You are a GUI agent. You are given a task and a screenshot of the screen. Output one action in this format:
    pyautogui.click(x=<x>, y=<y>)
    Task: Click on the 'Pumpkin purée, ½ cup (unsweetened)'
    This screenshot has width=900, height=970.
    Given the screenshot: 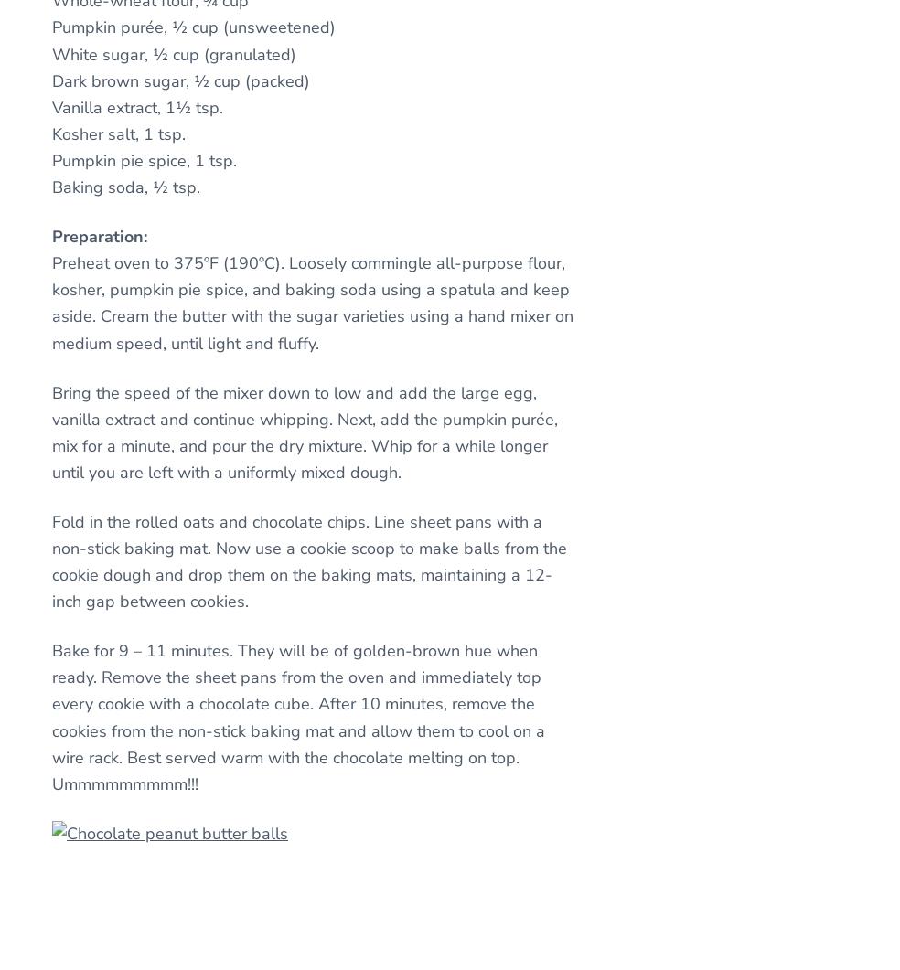 What is the action you would take?
    pyautogui.click(x=193, y=27)
    